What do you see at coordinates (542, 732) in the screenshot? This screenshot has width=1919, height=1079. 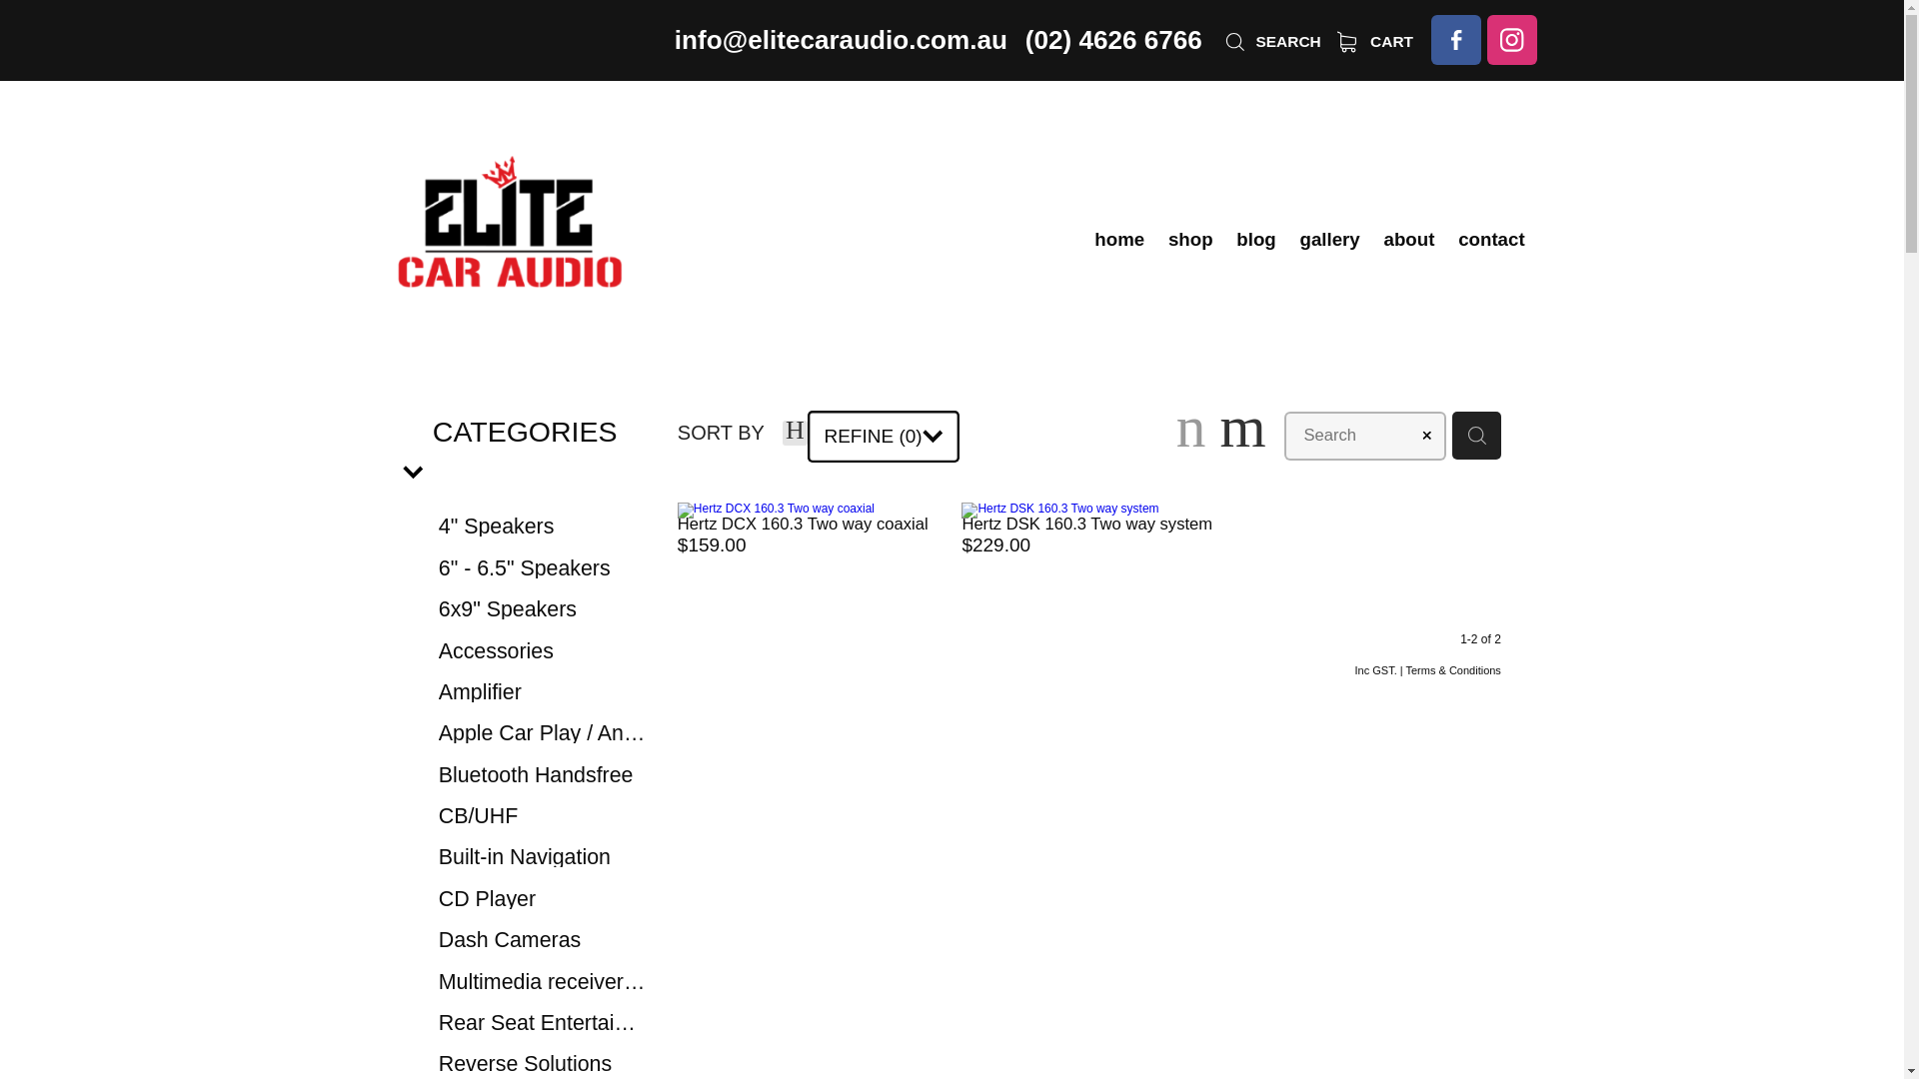 I see `'Apple Car Play / Android Auto'` at bounding box center [542, 732].